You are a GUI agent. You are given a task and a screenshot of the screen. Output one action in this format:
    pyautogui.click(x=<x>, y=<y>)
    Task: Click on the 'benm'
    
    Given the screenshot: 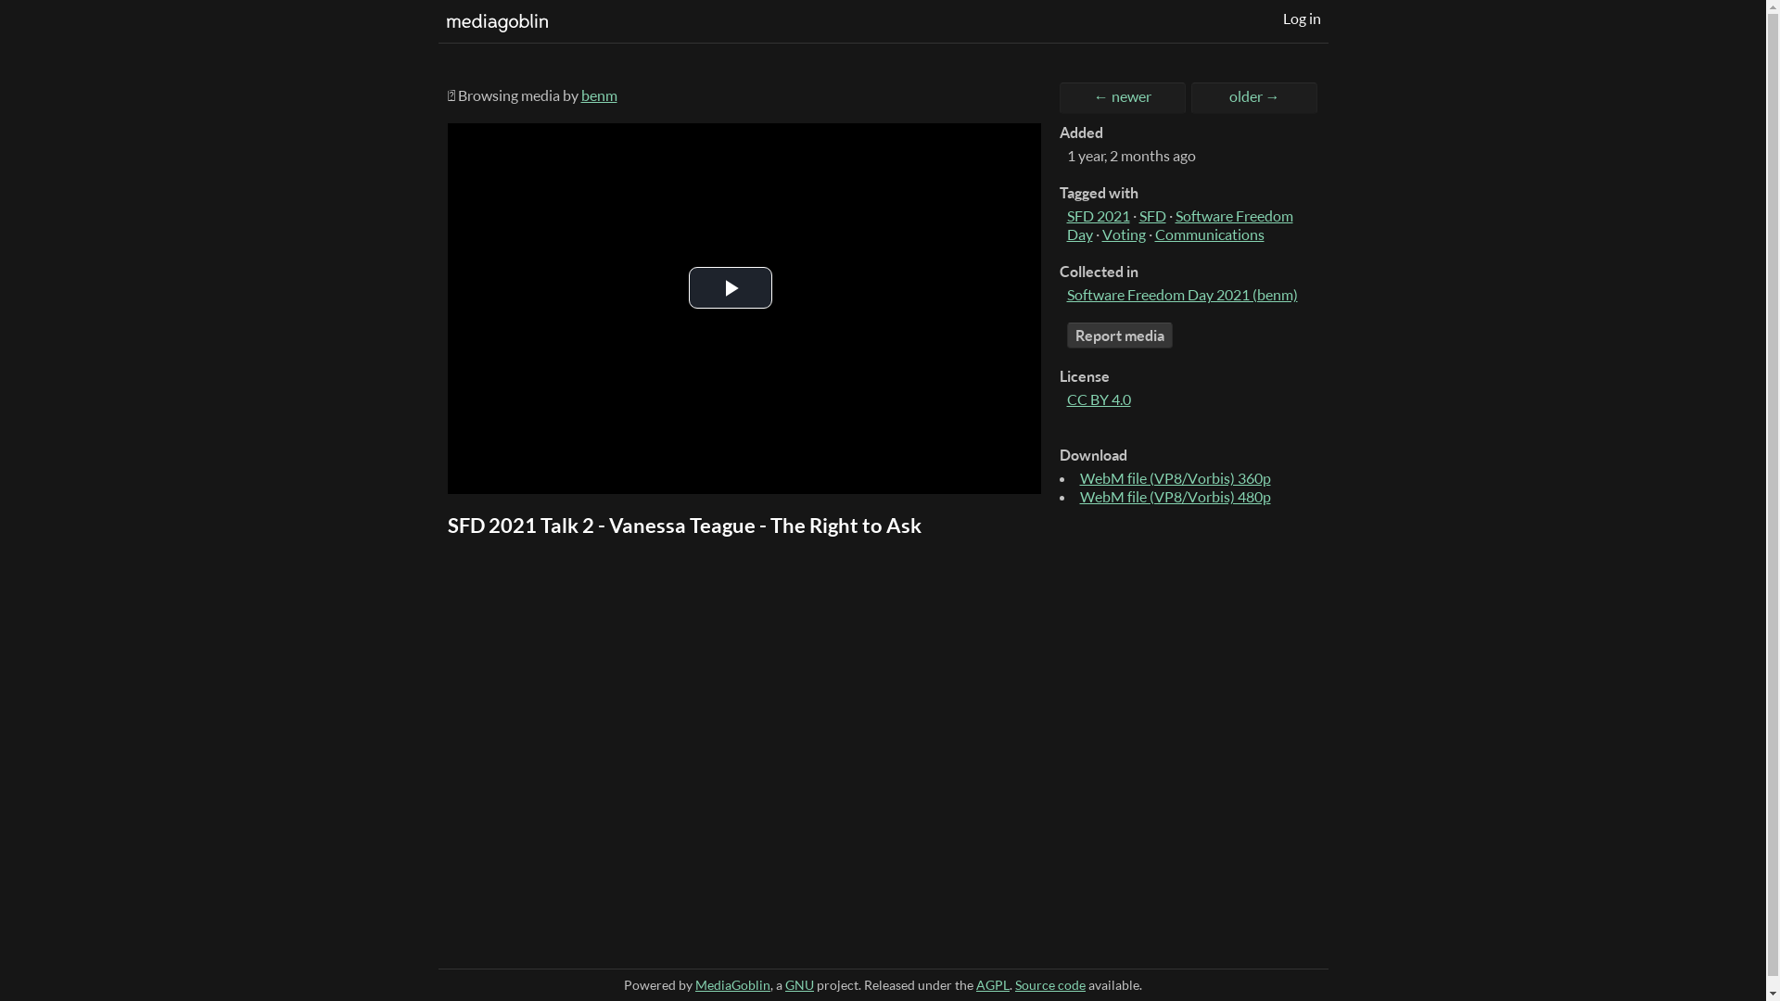 What is the action you would take?
    pyautogui.click(x=598, y=95)
    